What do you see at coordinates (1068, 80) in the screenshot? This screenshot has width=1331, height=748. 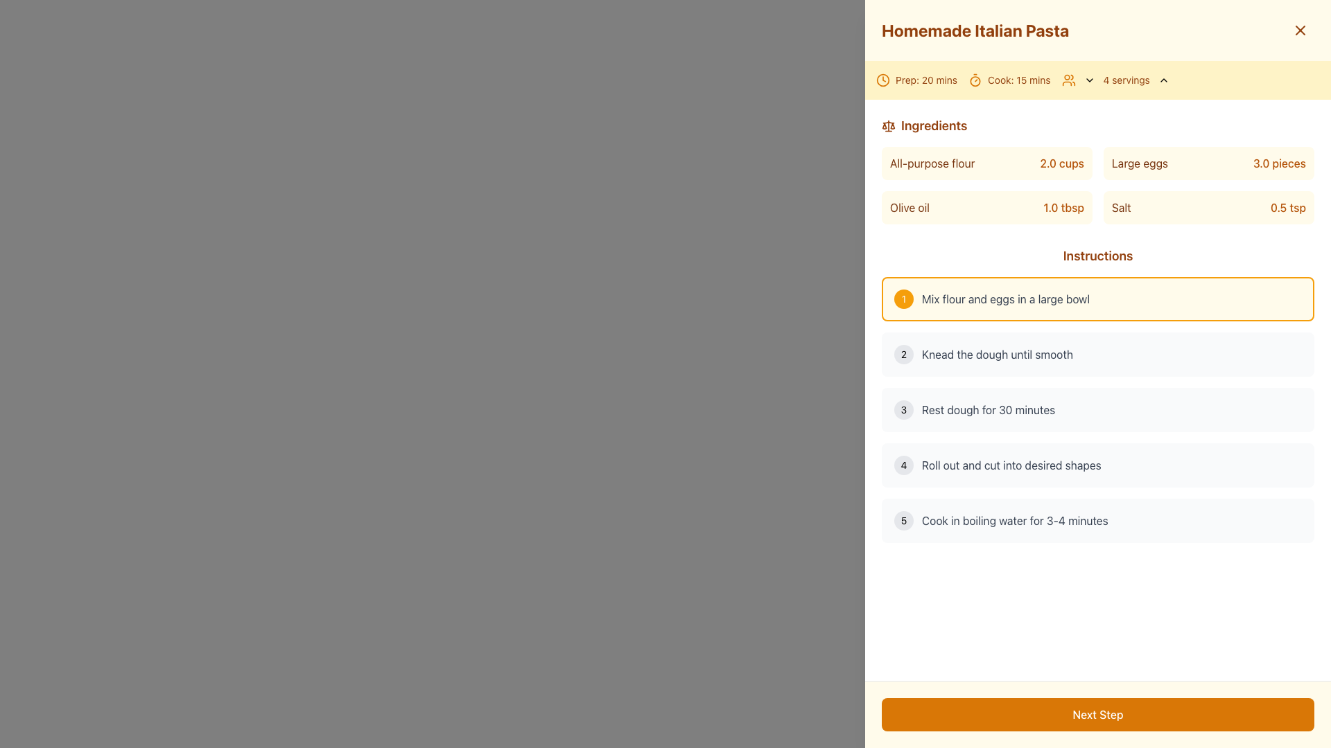 I see `the small amber icon resembling a group of users located at the top right corner of the content area beside the '4 servings' label` at bounding box center [1068, 80].